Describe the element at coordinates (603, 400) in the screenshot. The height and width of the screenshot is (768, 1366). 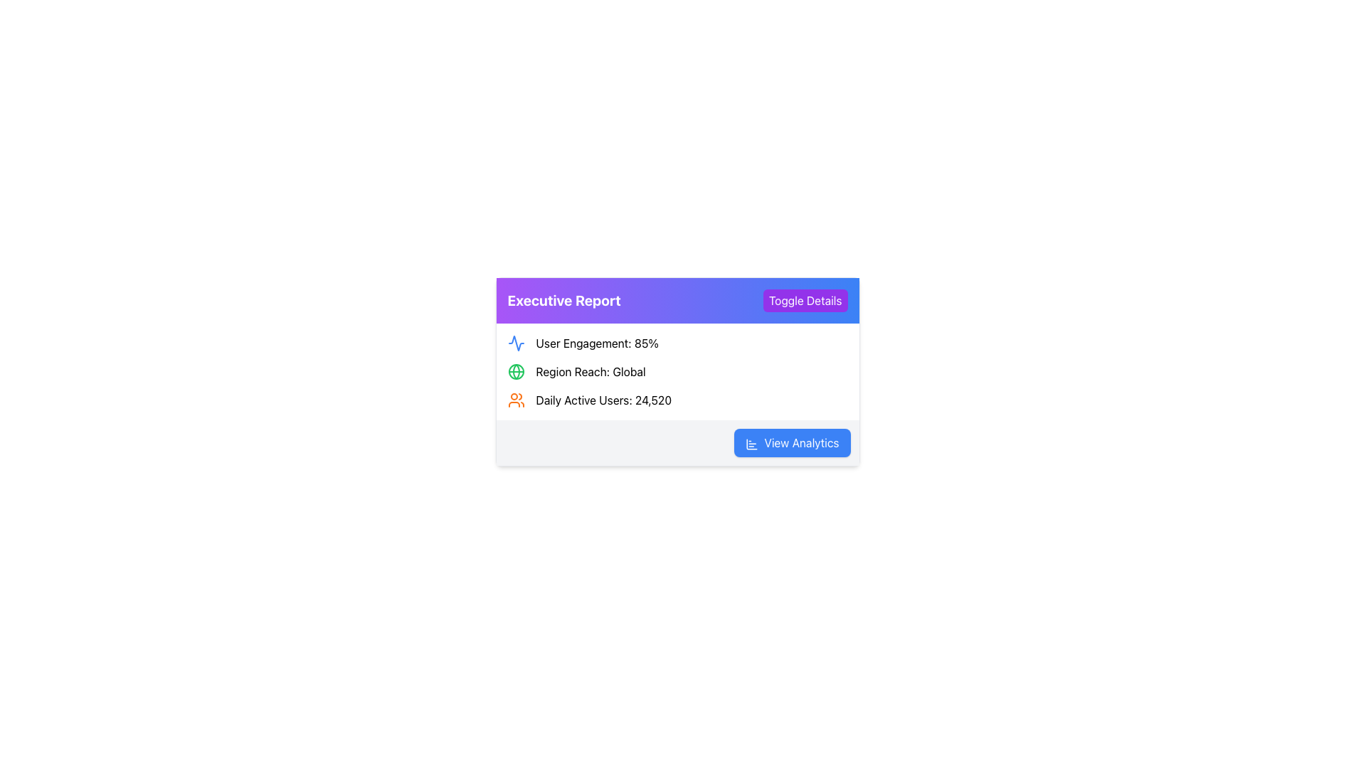
I see `the Text Label displaying 'Daily Active Users: 24,520', which is the third metric in the report interface, located below 'Region Reach: Global'` at that location.